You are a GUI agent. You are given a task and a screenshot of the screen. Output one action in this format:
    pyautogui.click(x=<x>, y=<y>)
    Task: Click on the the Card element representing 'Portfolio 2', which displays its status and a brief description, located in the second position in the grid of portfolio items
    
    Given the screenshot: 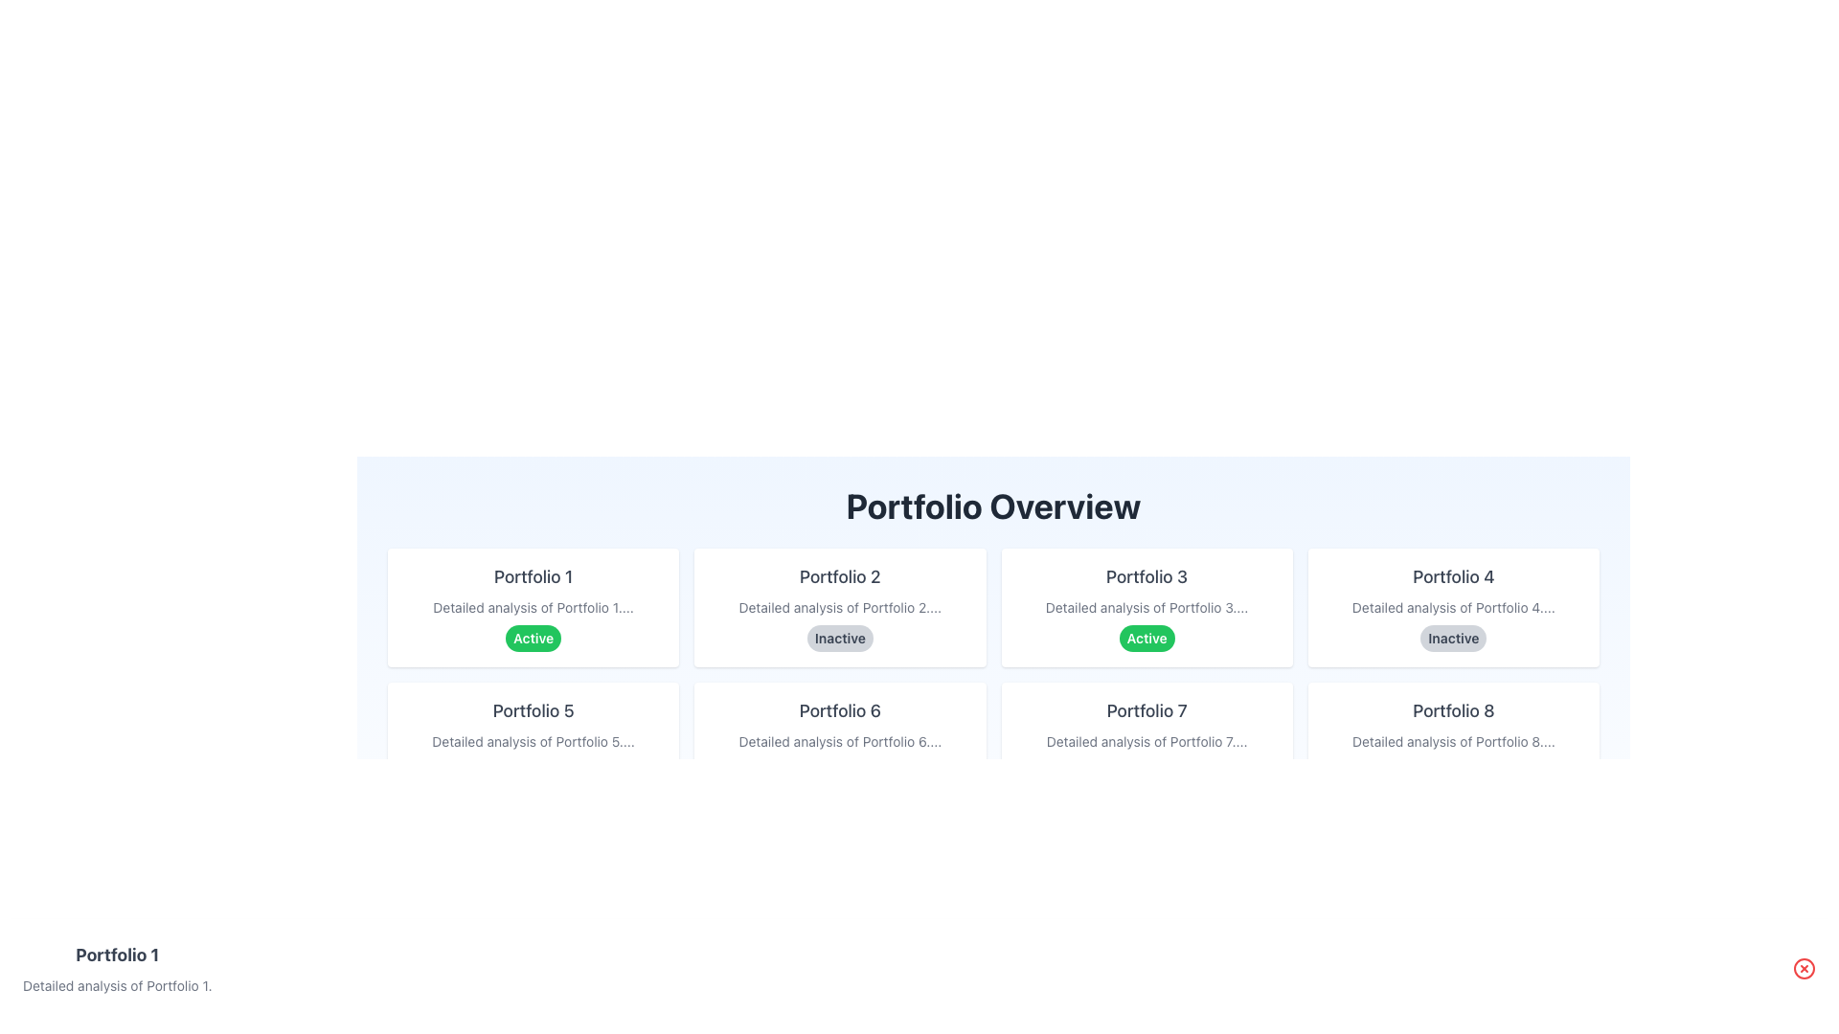 What is the action you would take?
    pyautogui.click(x=840, y=608)
    